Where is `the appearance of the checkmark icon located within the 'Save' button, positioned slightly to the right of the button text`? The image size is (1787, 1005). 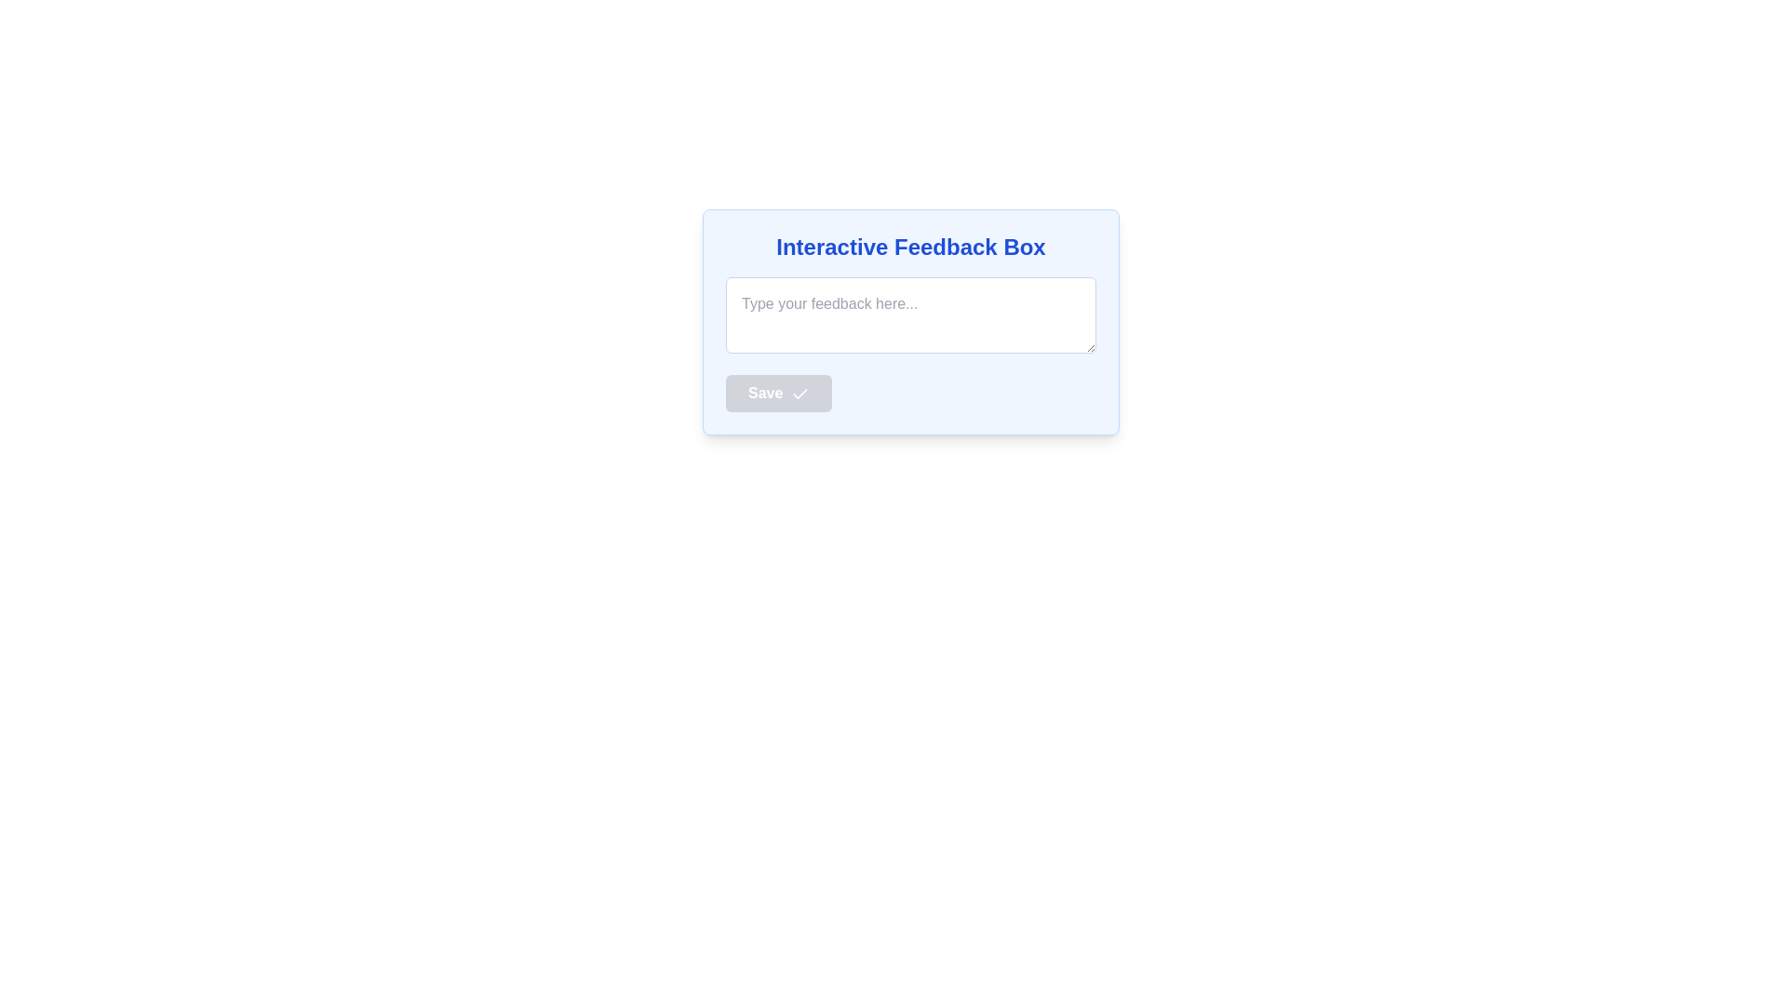
the appearance of the checkmark icon located within the 'Save' button, positioned slightly to the right of the button text is located at coordinates (799, 393).